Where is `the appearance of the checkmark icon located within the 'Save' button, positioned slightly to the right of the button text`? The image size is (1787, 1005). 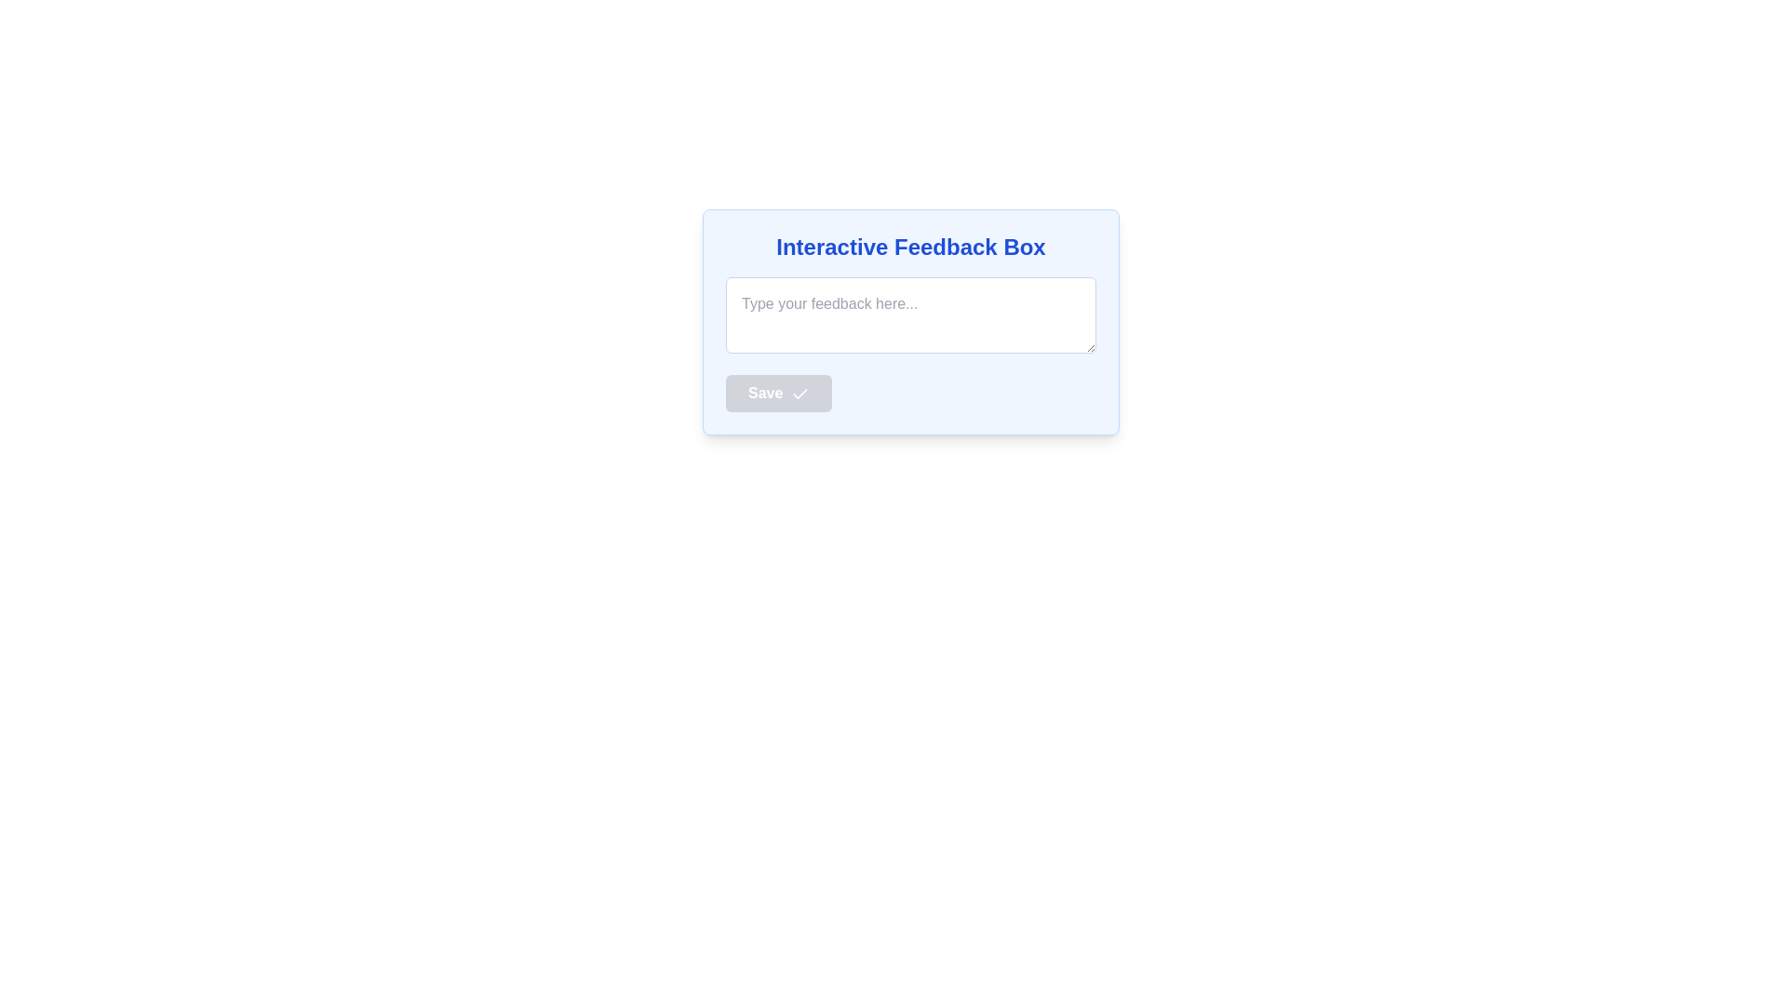
the appearance of the checkmark icon located within the 'Save' button, positioned slightly to the right of the button text is located at coordinates (799, 393).